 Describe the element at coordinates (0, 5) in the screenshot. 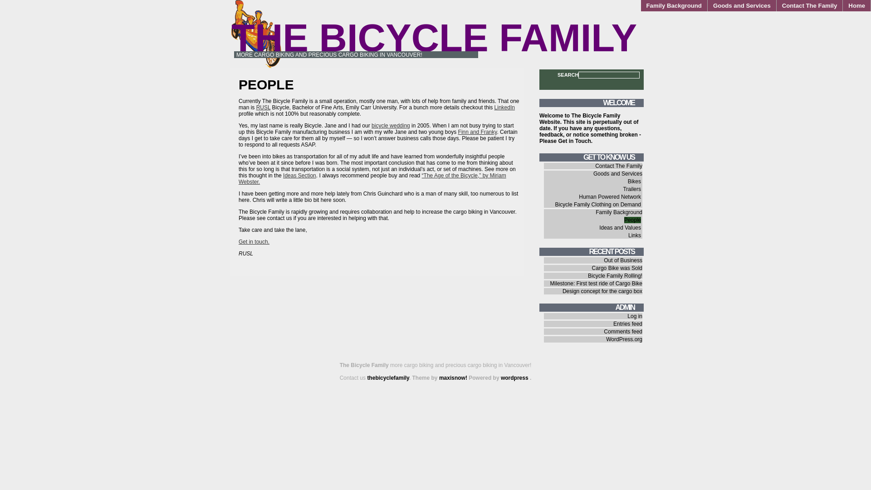

I see `'Search'` at that location.